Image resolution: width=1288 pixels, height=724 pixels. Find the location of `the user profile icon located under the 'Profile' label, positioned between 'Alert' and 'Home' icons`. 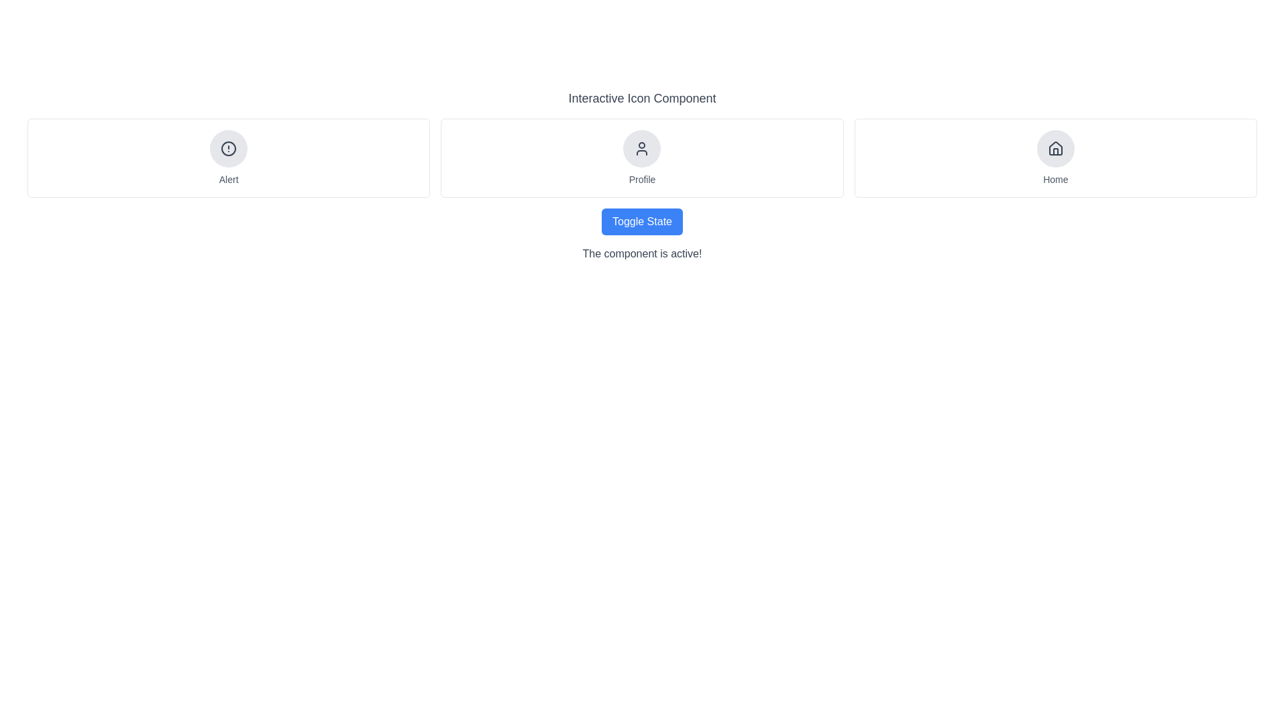

the user profile icon located under the 'Profile' label, positioned between 'Alert' and 'Home' icons is located at coordinates (641, 149).